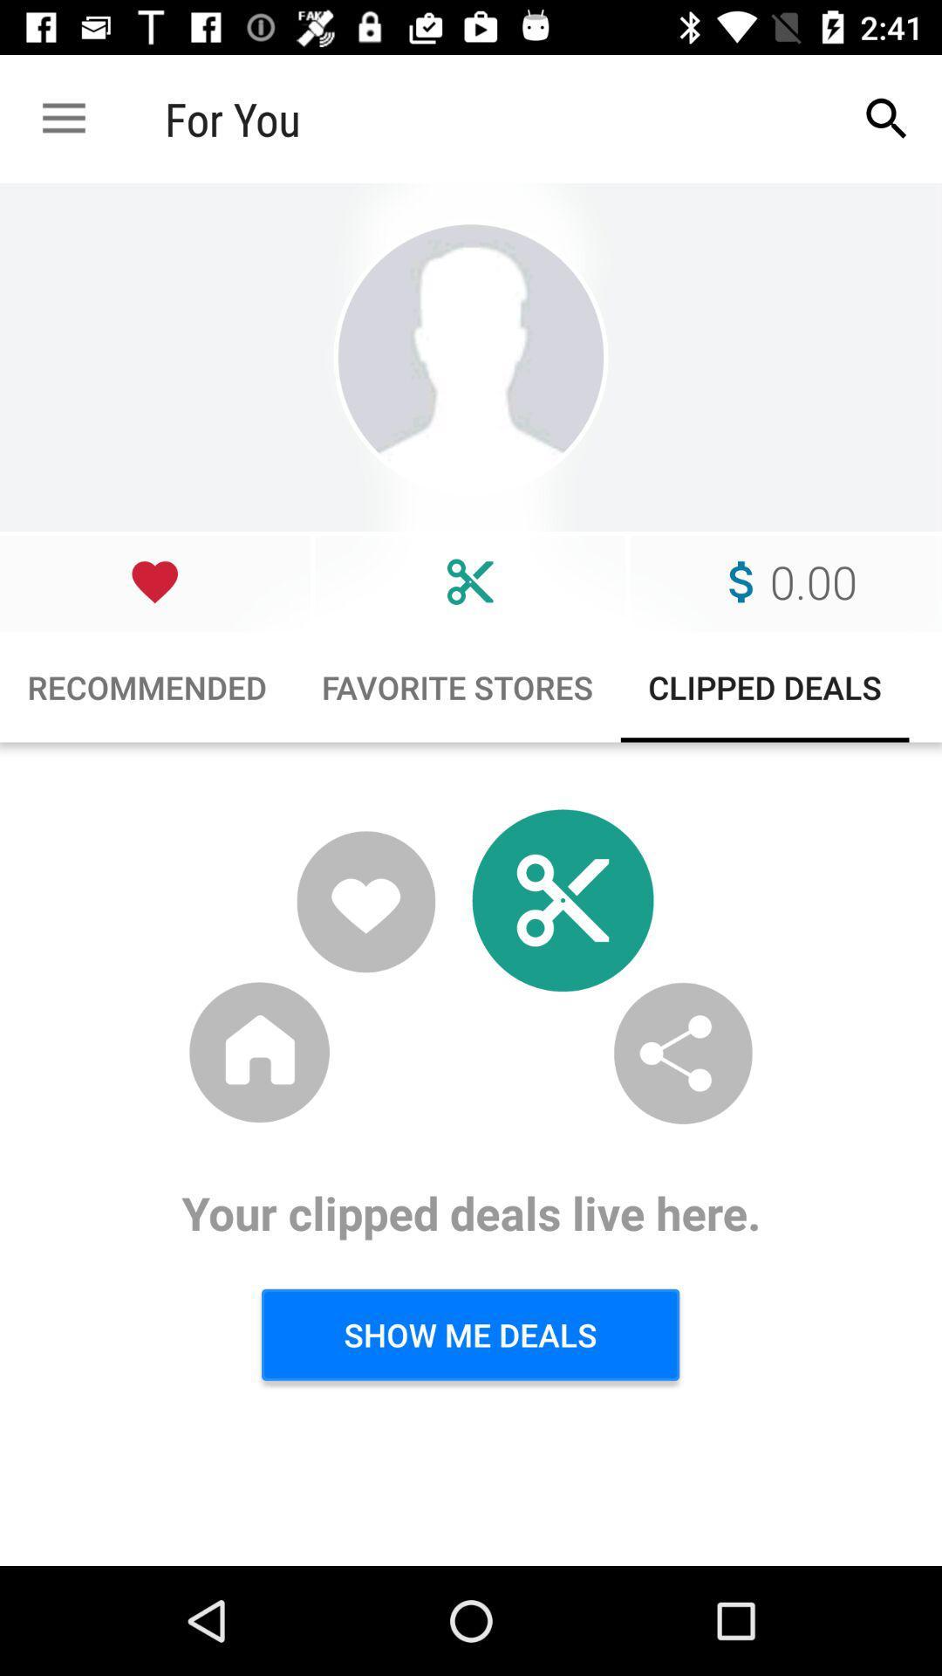 This screenshot has height=1676, width=942. What do you see at coordinates (471, 356) in the screenshot?
I see `choose profile picture` at bounding box center [471, 356].